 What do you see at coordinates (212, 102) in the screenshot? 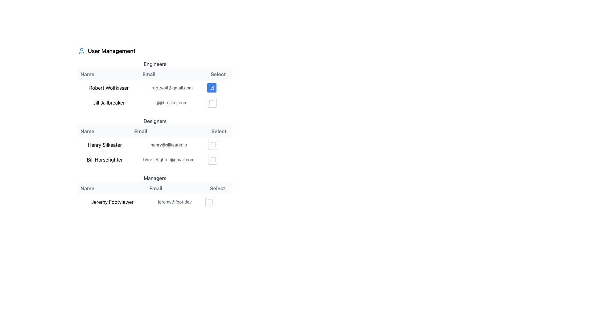
I see `the checkbox in the 'Select' column of the second row under the 'Engineers' section` at bounding box center [212, 102].